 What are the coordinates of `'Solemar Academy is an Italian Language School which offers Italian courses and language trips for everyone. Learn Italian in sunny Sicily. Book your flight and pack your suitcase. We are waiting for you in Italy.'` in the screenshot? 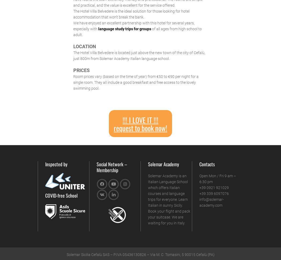 It's located at (169, 199).